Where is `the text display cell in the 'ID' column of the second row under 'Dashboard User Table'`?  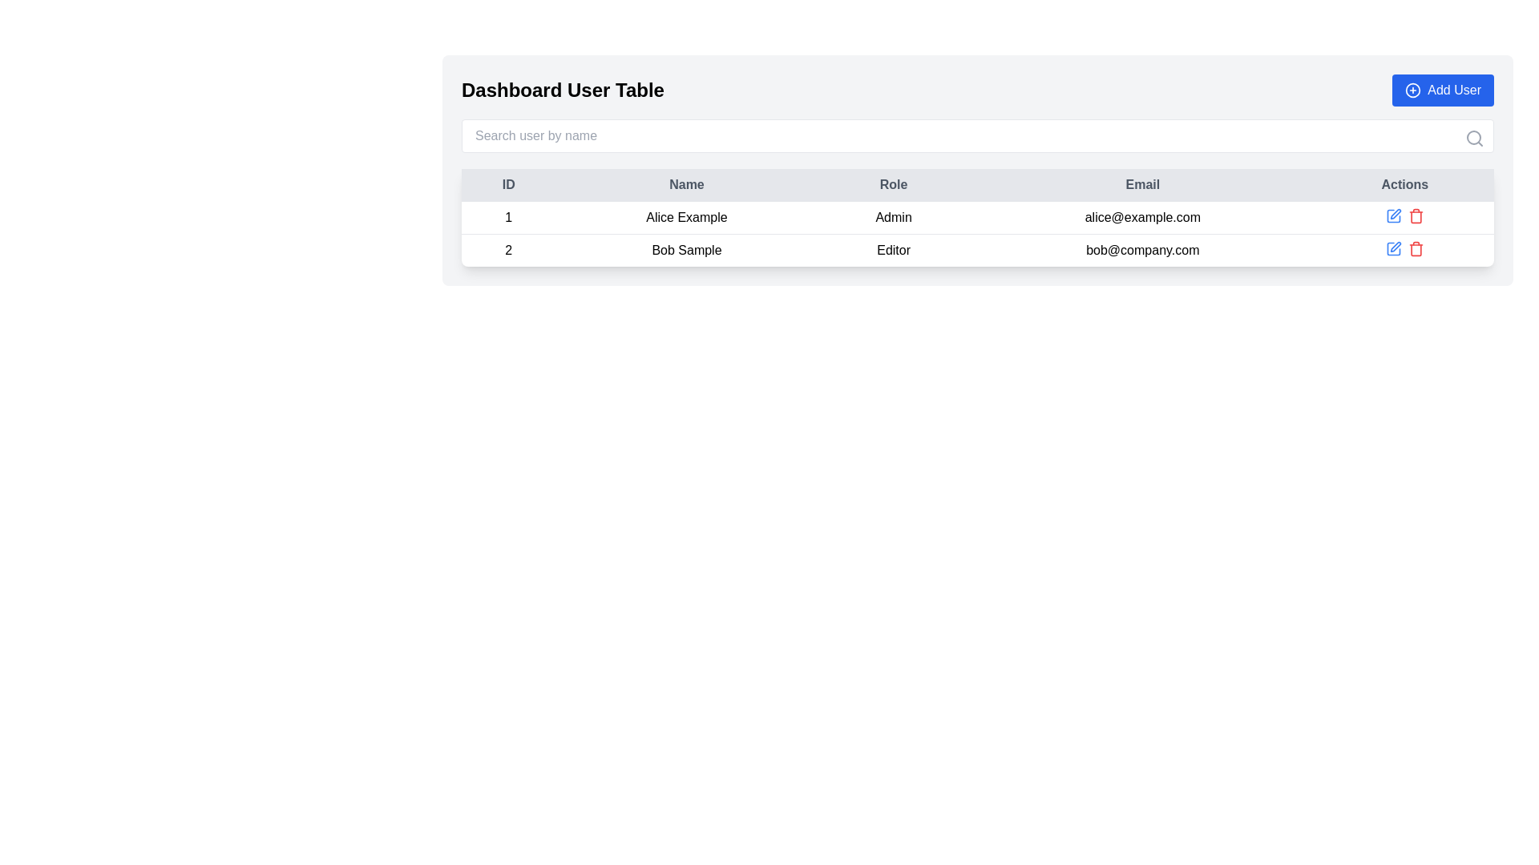 the text display cell in the 'ID' column of the second row under 'Dashboard User Table' is located at coordinates (507, 250).